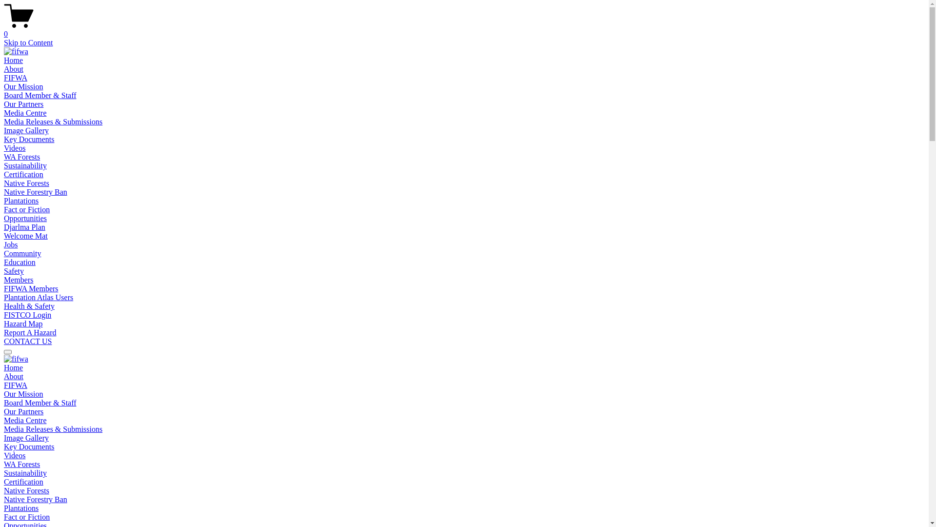 The image size is (936, 527). I want to click on 'Image Gallery', so click(26, 437).